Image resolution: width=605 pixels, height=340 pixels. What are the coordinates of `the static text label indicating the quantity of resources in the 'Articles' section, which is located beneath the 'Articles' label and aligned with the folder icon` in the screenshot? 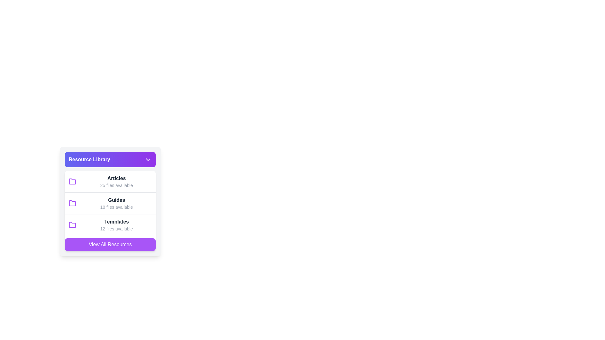 It's located at (116, 185).